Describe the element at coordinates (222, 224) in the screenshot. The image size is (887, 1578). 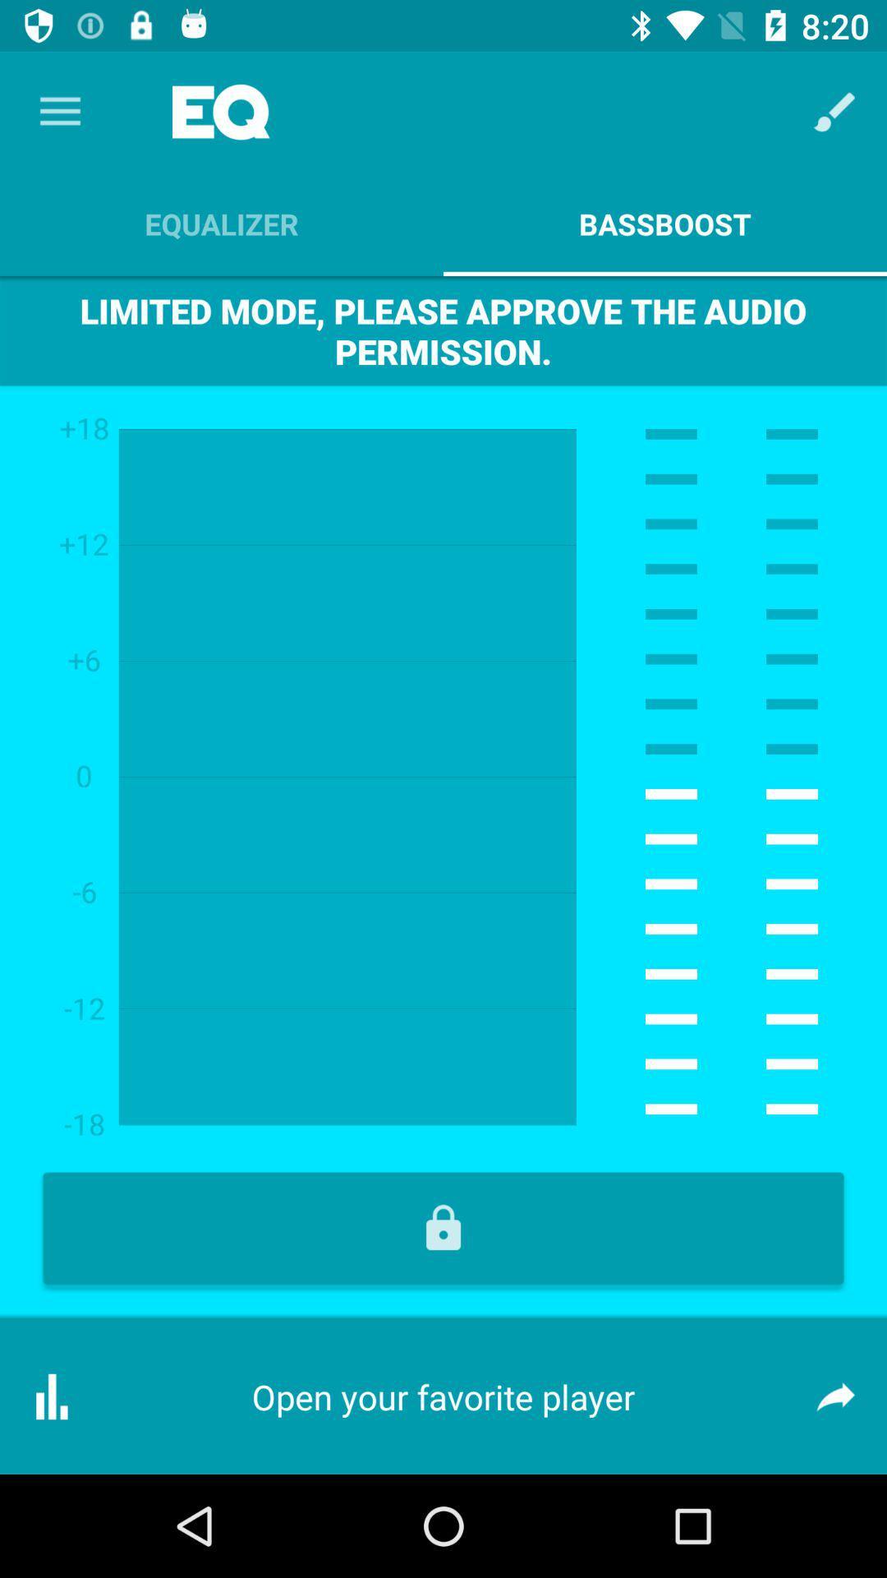
I see `the item next to bassboost app` at that location.